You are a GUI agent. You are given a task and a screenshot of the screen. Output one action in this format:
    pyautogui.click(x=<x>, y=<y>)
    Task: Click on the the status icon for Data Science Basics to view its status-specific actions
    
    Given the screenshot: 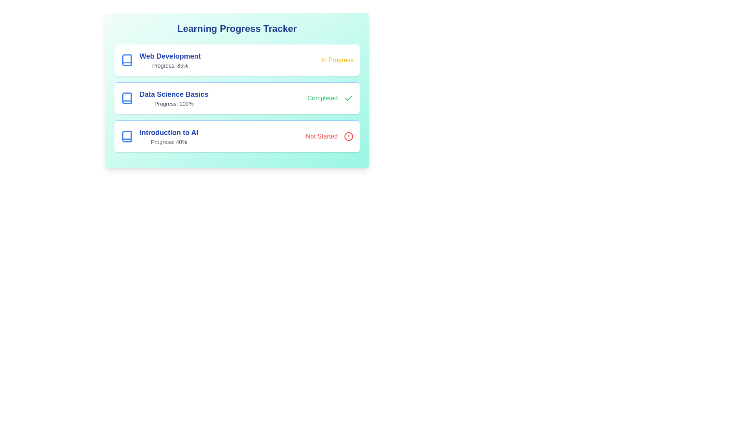 What is the action you would take?
    pyautogui.click(x=330, y=98)
    